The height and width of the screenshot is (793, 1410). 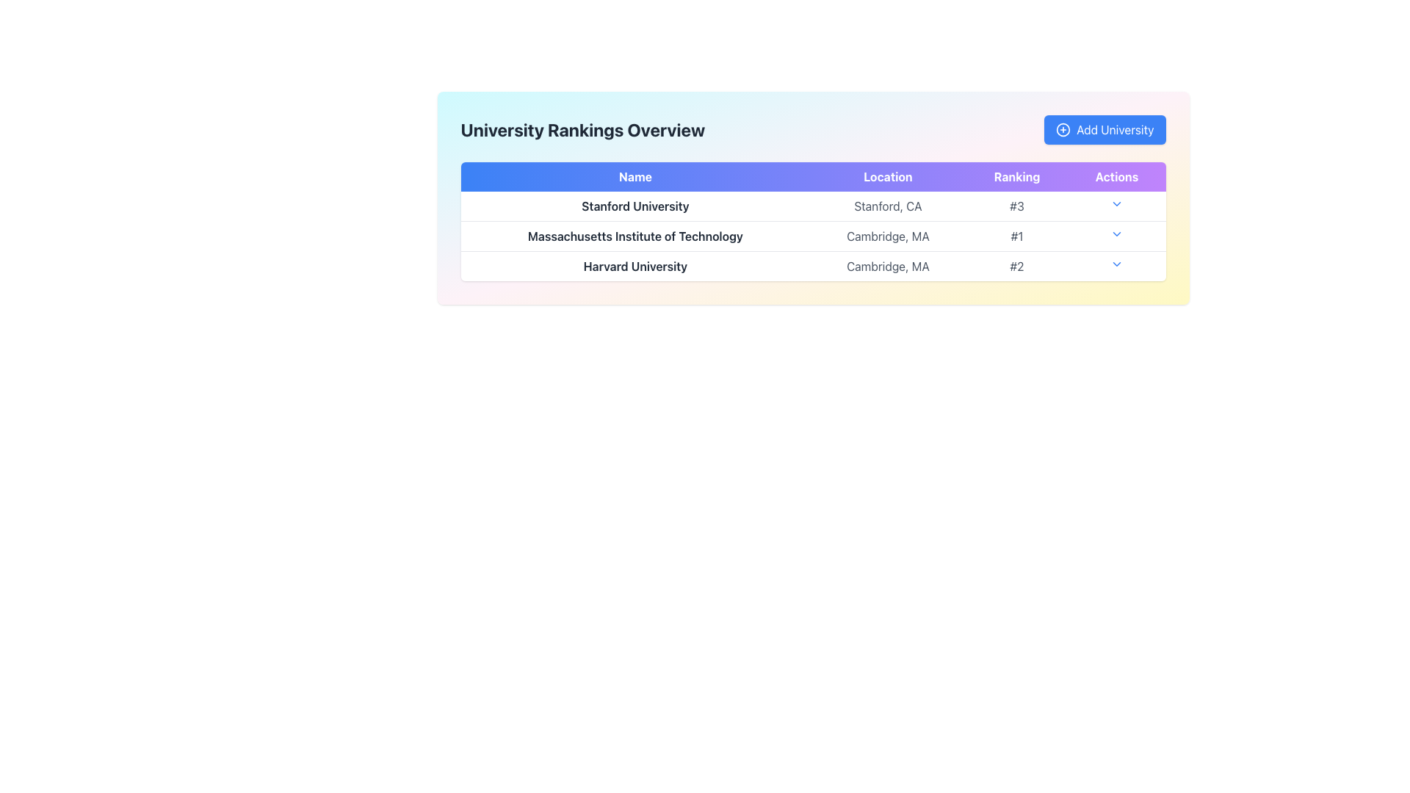 What do you see at coordinates (887, 266) in the screenshot?
I see `the text element displaying 'Cambridge, MA' in the third row of the table, located between 'Harvard University' and '#2'` at bounding box center [887, 266].